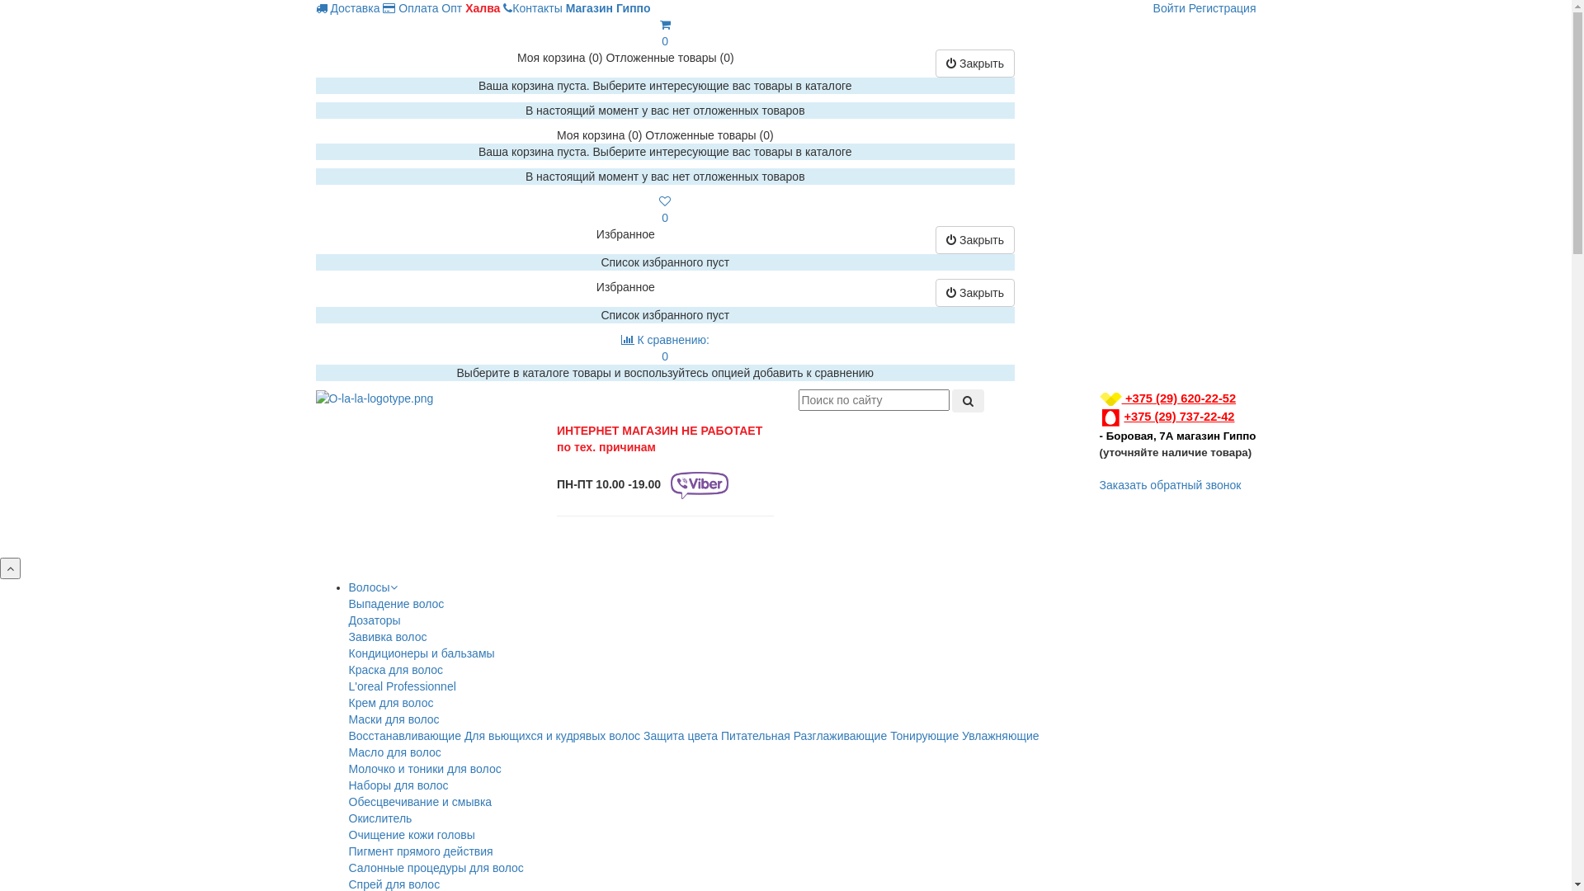 This screenshot has width=1584, height=891. Describe the element at coordinates (1110, 417) in the screenshot. I see `'mts_tel.png'` at that location.